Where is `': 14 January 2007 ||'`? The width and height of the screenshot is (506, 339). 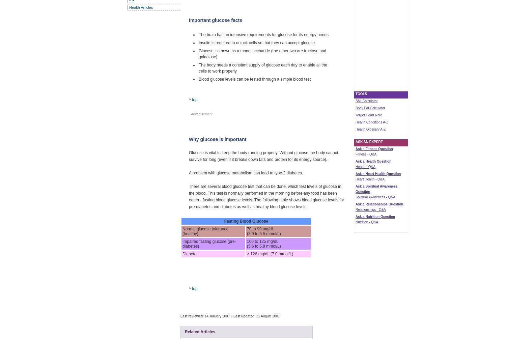 ': 14 January 2007 ||' is located at coordinates (218, 316).